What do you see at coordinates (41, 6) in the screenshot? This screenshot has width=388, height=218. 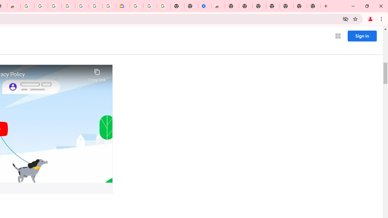 I see `'Ad Settings'` at bounding box center [41, 6].